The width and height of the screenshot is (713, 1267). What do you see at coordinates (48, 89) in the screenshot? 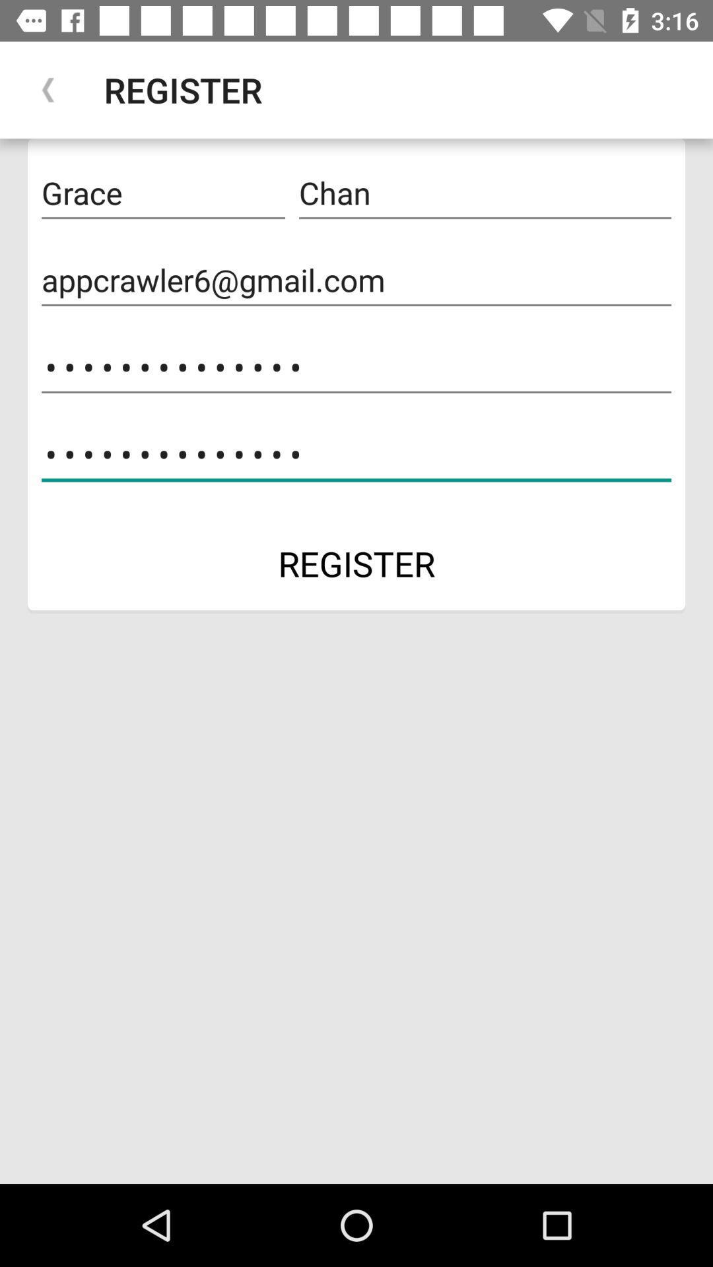
I see `the icon next to the register icon` at bounding box center [48, 89].